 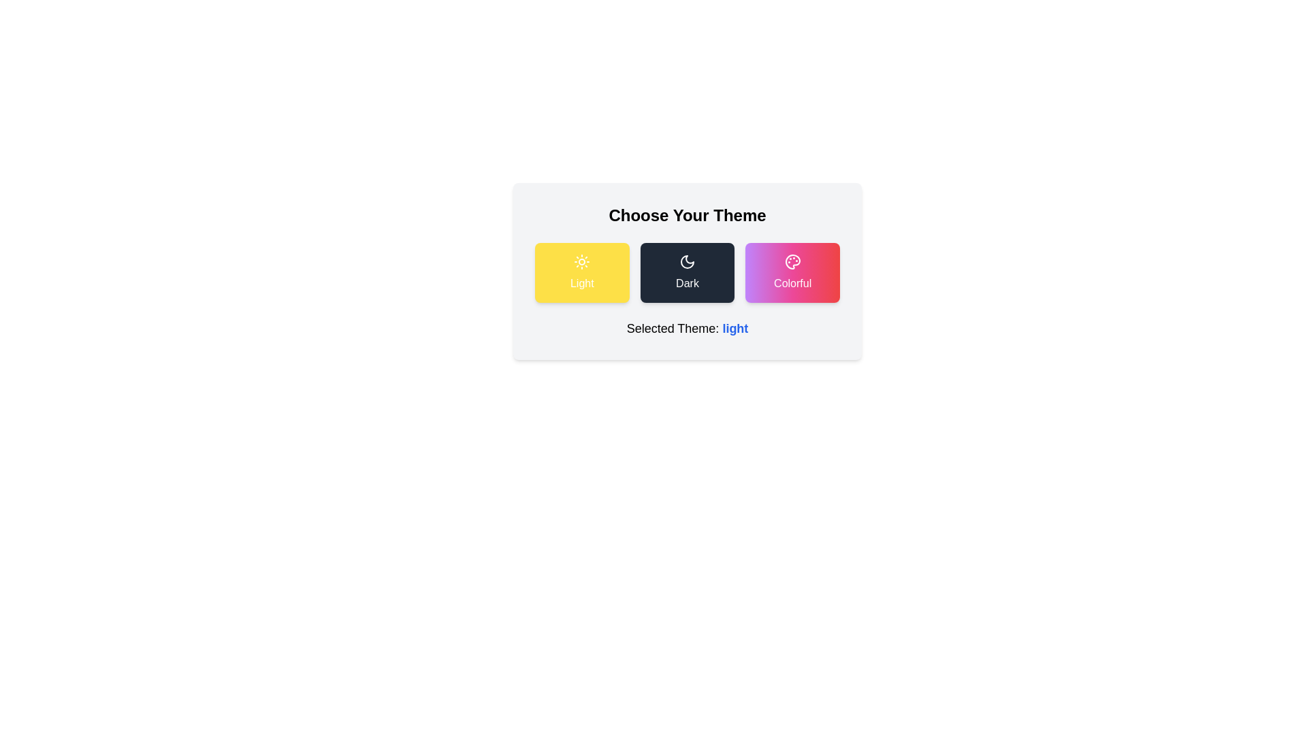 What do you see at coordinates (792, 273) in the screenshot?
I see `the button for the Colorful theme to observe hover effects` at bounding box center [792, 273].